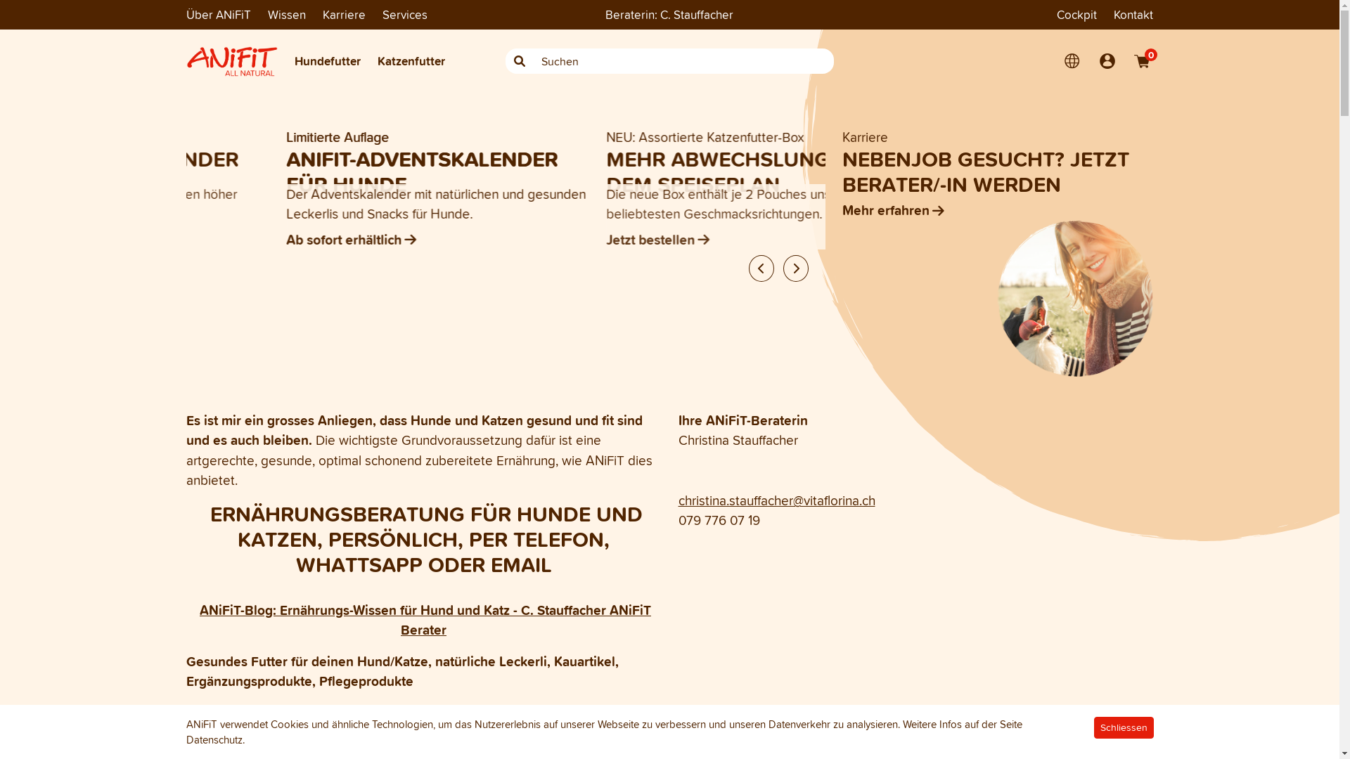  Describe the element at coordinates (1141, 60) in the screenshot. I see `'0'` at that location.